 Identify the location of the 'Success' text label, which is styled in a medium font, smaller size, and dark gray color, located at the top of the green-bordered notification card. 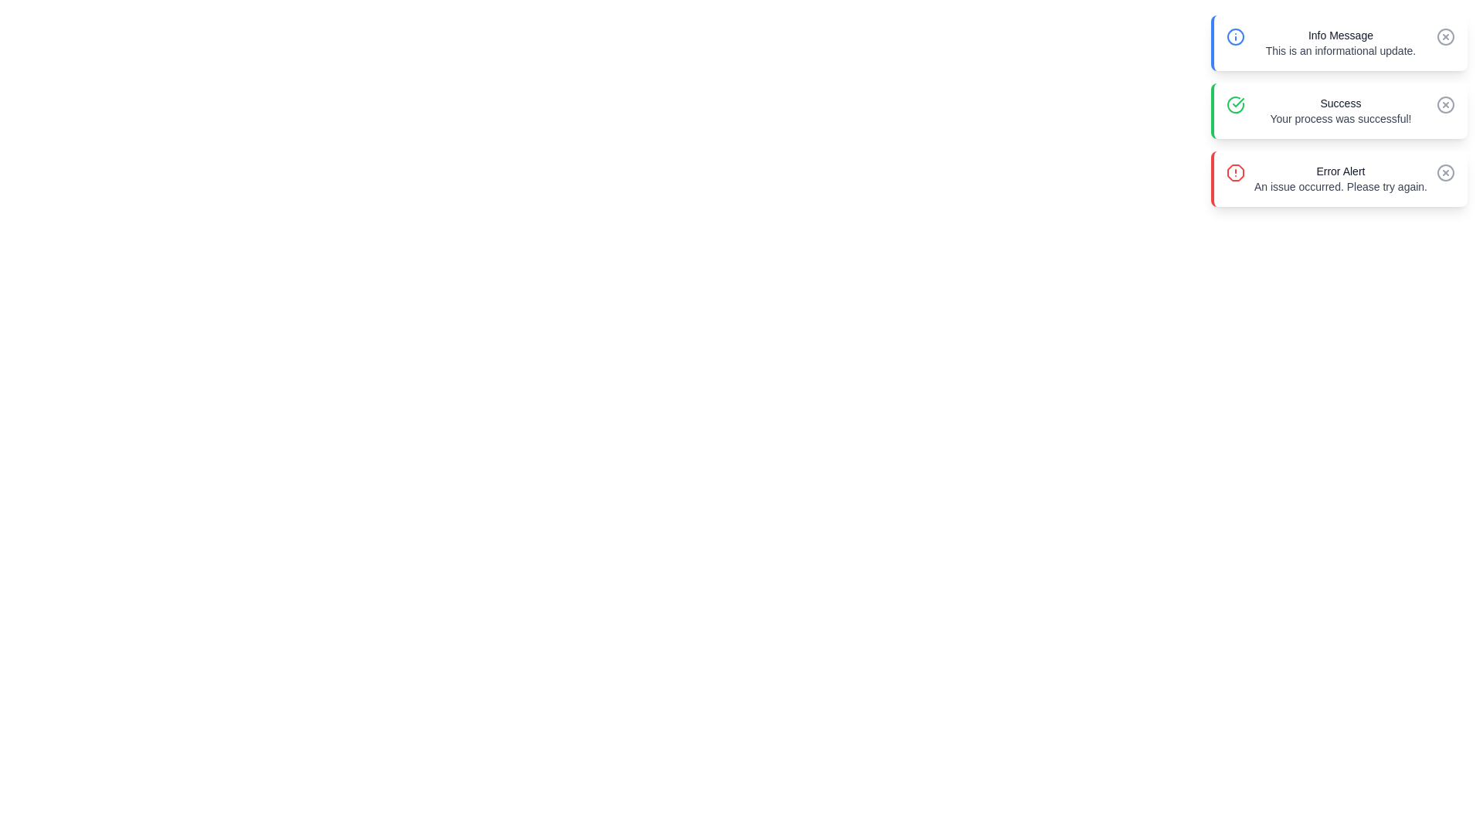
(1339, 103).